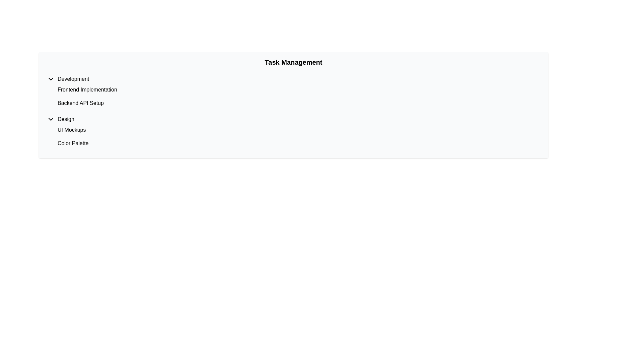 The width and height of the screenshot is (643, 362). I want to click on the static text label displaying 'Frontend Implementation', which is the first item under the 'Development' category in the task management panel, so click(87, 89).